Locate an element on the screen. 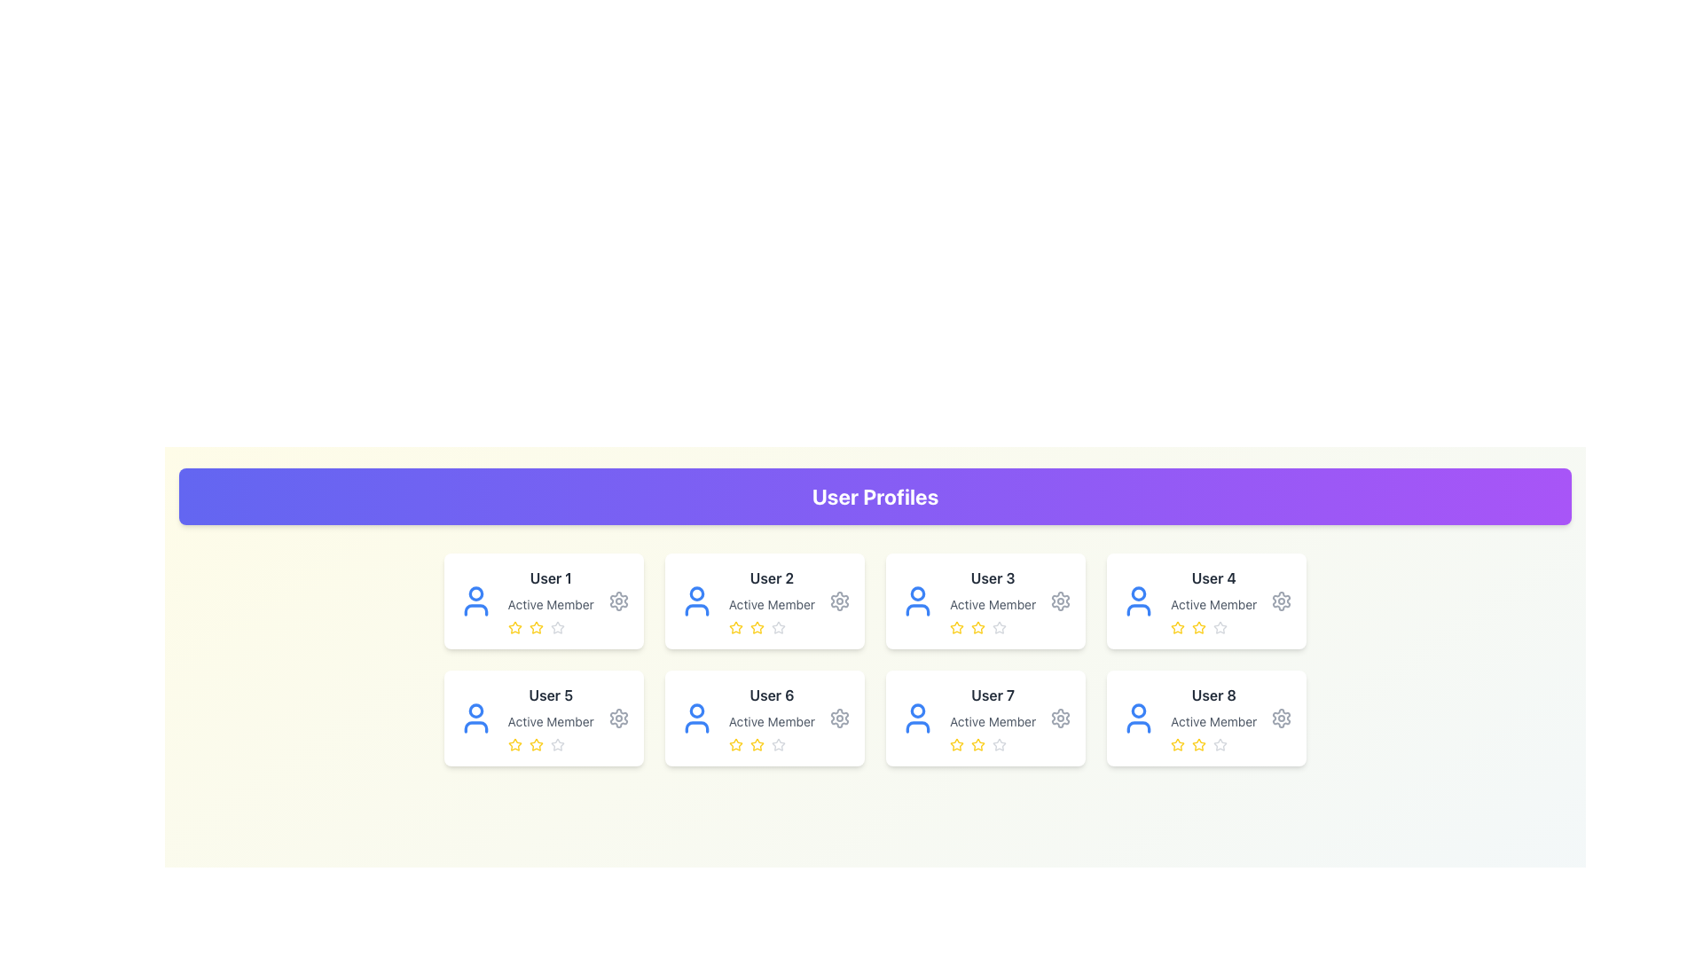  the settings icon located in the top-right corner of the 'User 6' card in the second row's second column of the 'User Profiles' section, which likely opens settings or options related to User 6 is located at coordinates (838, 718).